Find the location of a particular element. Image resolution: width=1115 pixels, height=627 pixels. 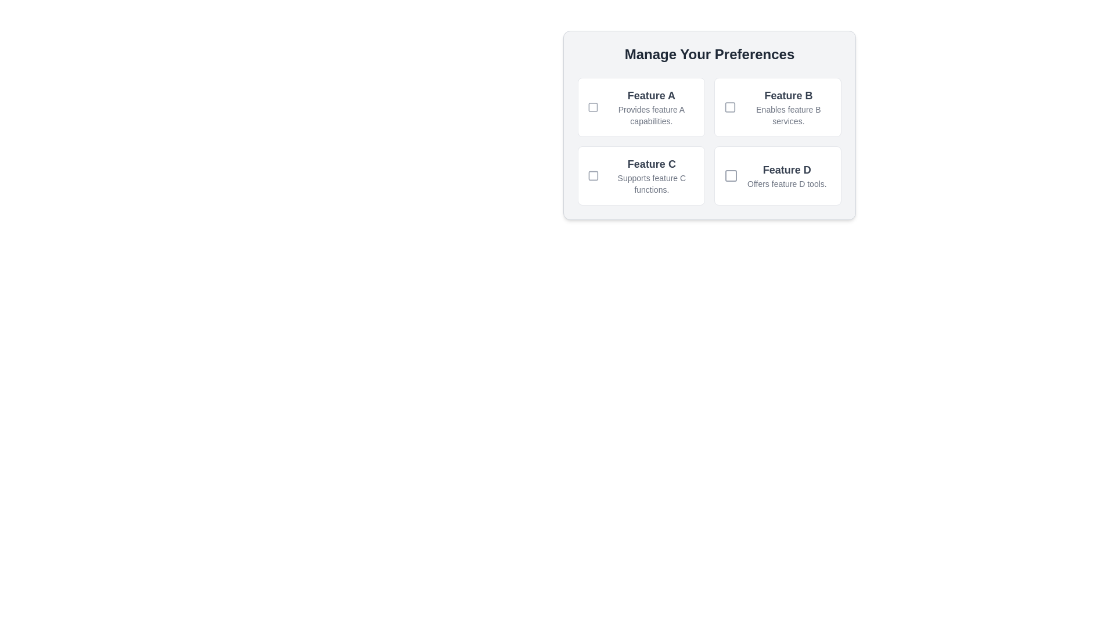

the checkbox for Feature B located in the top-right corner of the feature selection panel is located at coordinates (729, 107).